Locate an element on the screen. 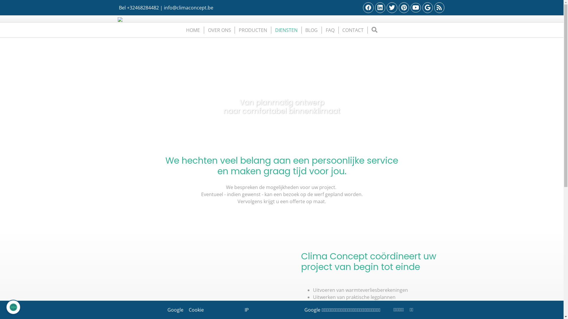  'CONTACT' is located at coordinates (353, 30).